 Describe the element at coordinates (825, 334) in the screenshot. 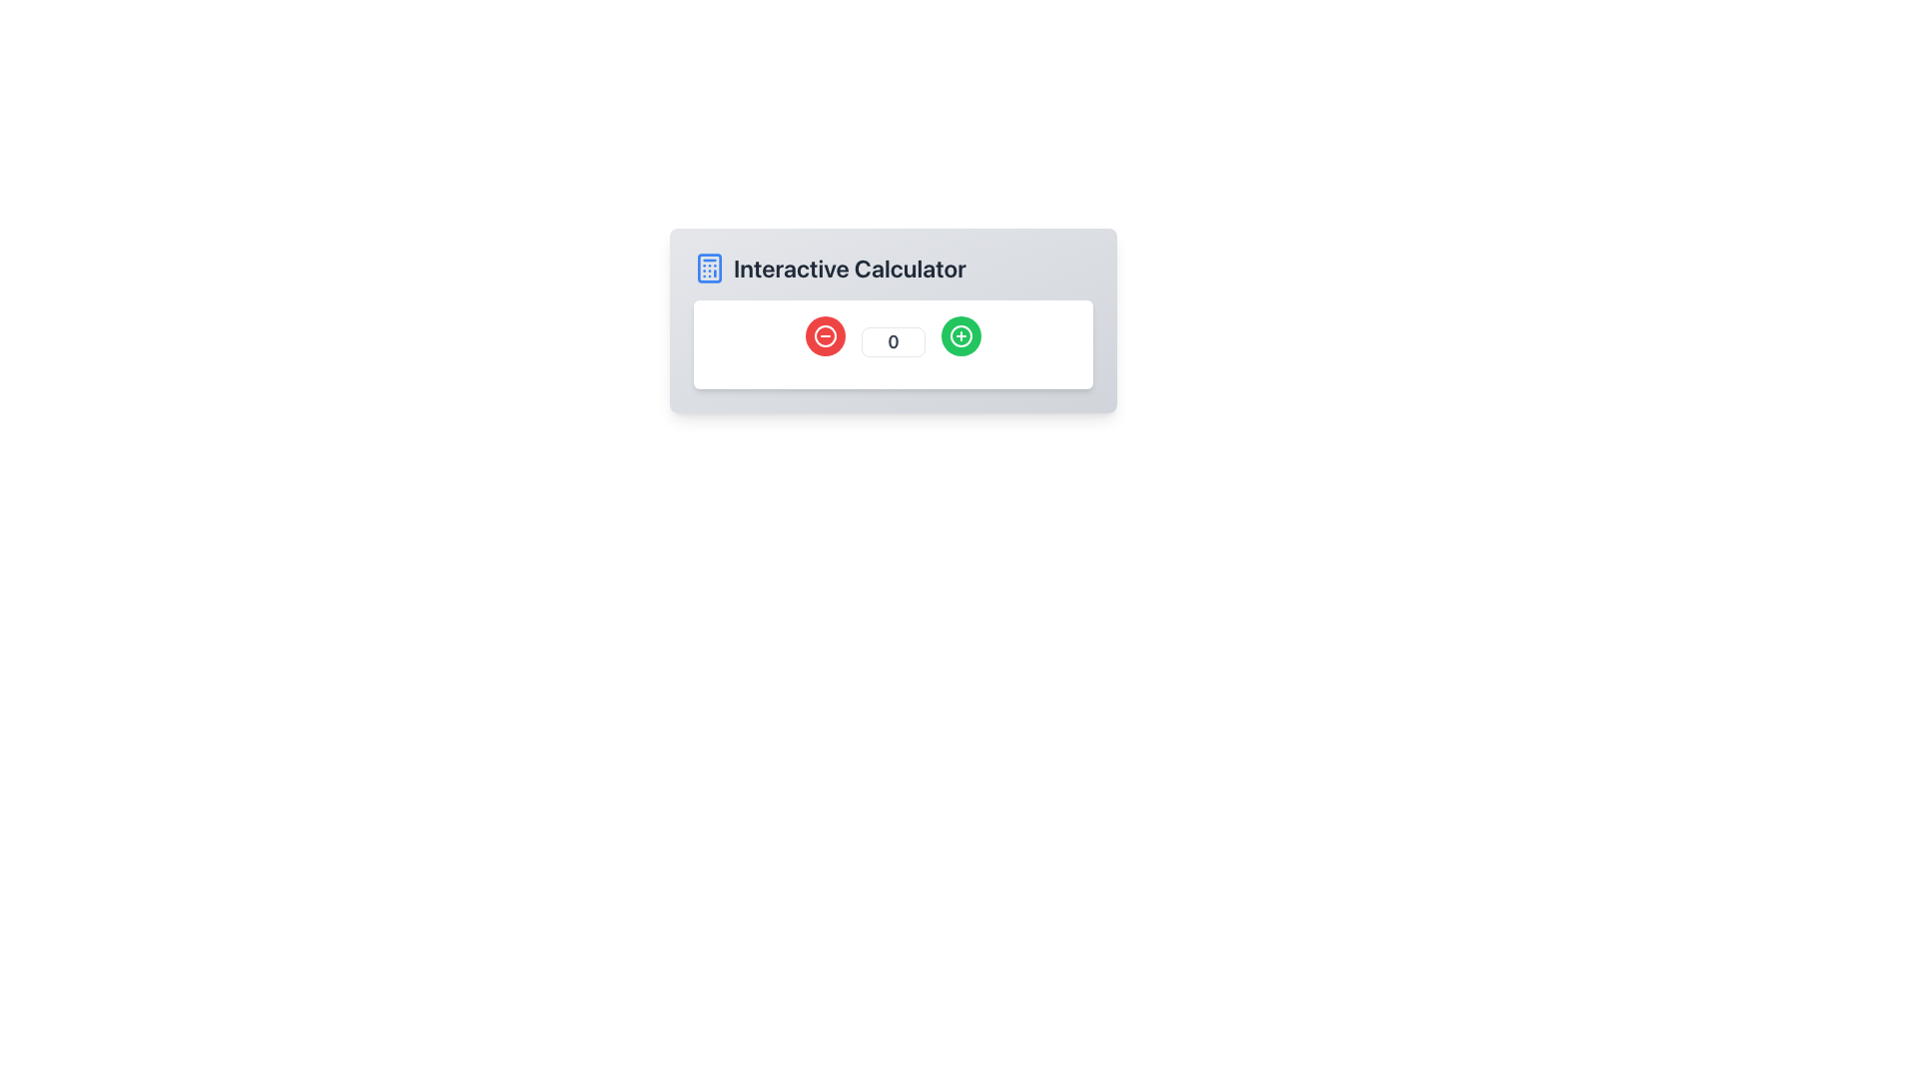

I see `the decorative element inside the red circular button intended for decrementing a value, located under the heading 'Interactive Calculator'` at that location.